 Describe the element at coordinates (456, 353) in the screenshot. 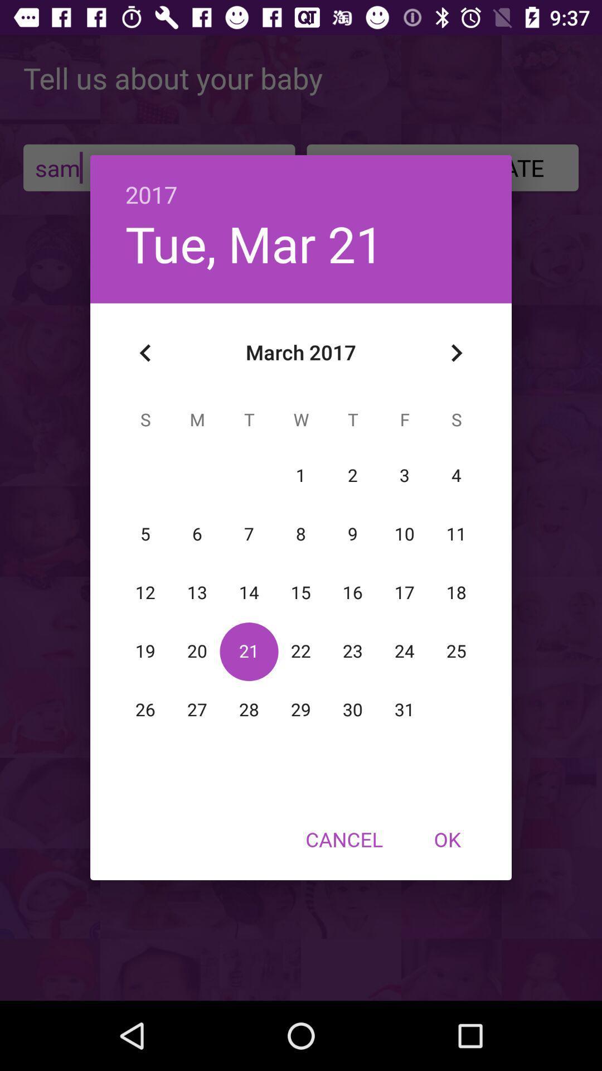

I see `the icon at the top right corner` at that location.